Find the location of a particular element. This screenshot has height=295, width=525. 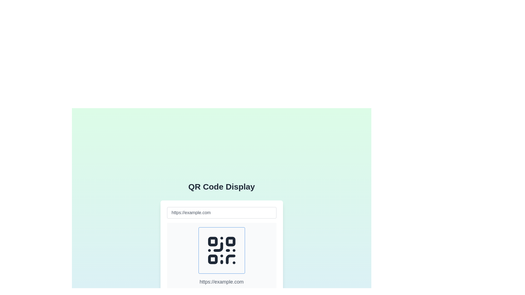

the curved black line in the bottom-right component of the QR code graphic is located at coordinates (231, 259).